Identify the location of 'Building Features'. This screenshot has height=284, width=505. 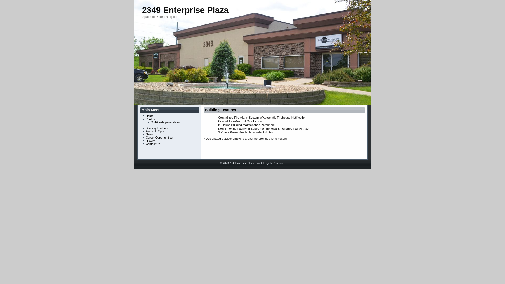
(204, 109).